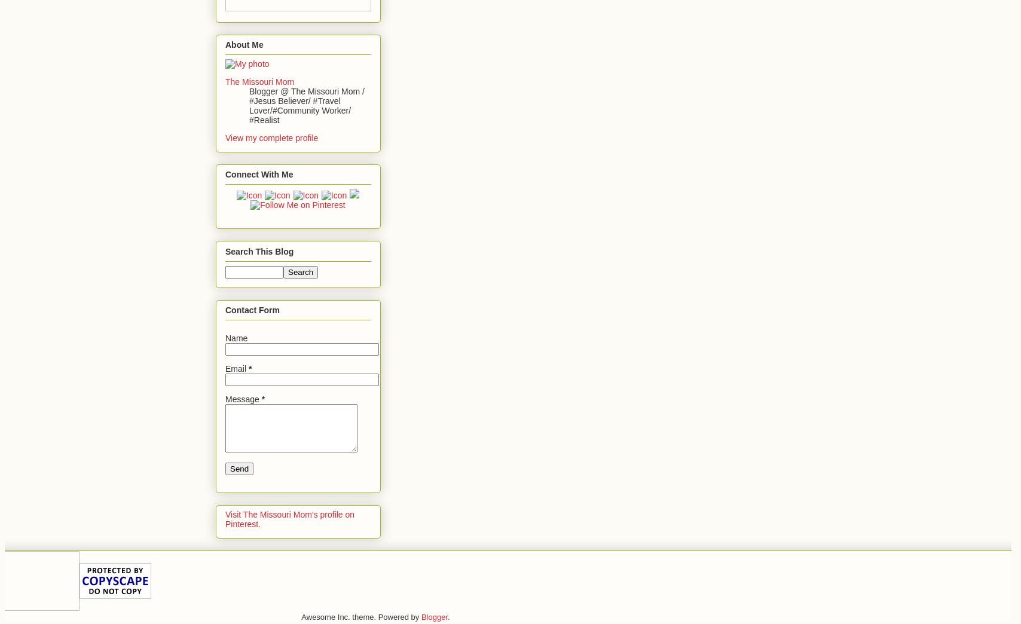  I want to click on 'Visit The Missouri Mom's profile on Pinterest.', so click(289, 519).